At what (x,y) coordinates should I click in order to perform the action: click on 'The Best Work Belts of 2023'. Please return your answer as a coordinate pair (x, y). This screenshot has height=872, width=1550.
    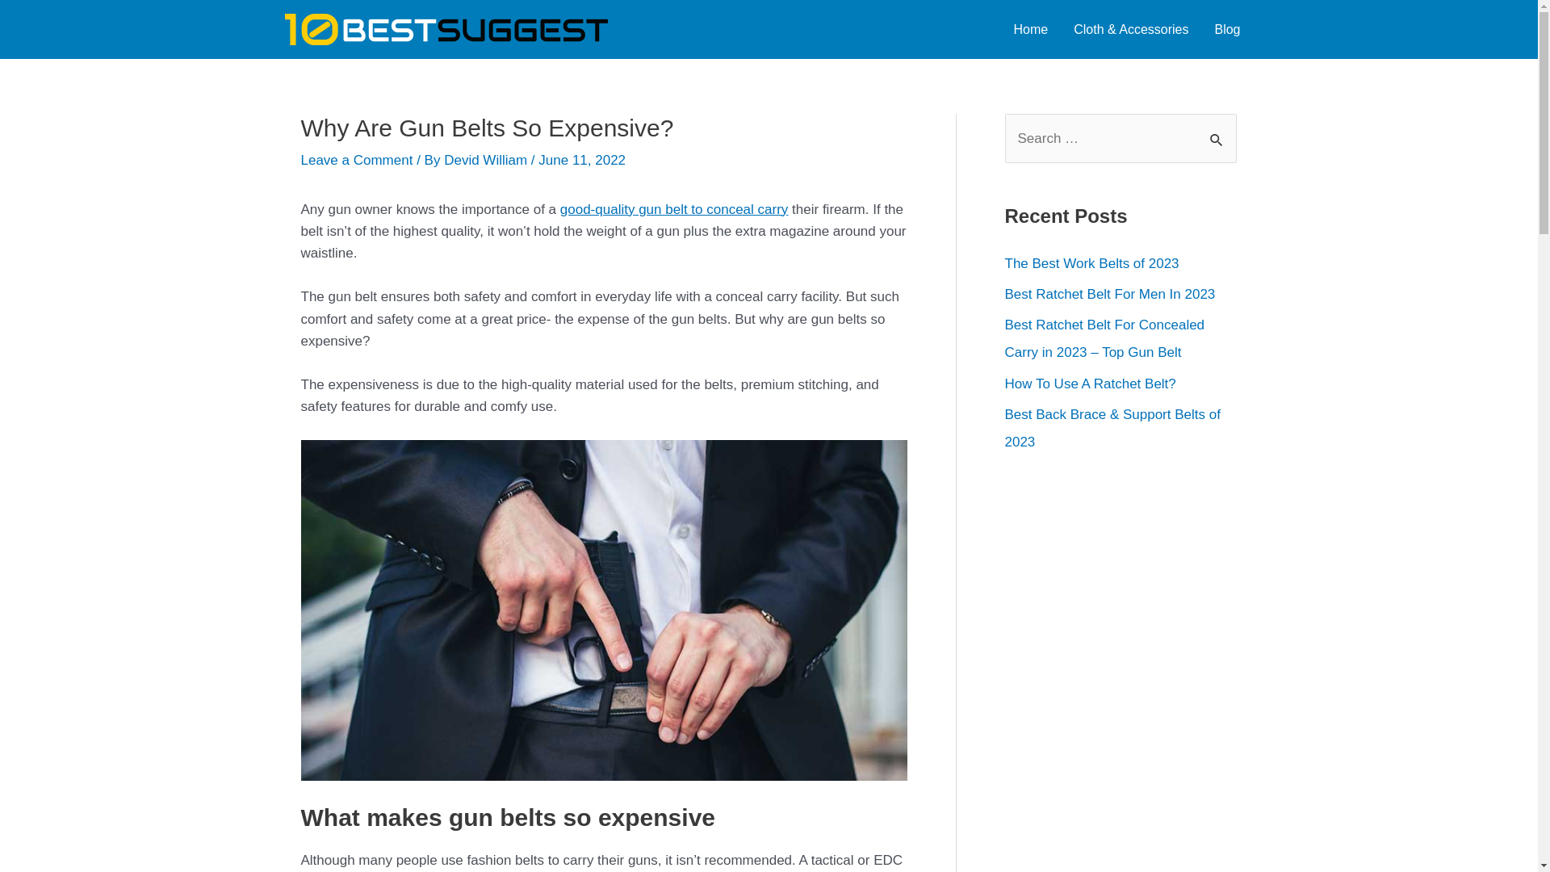
    Looking at the image, I should click on (1091, 262).